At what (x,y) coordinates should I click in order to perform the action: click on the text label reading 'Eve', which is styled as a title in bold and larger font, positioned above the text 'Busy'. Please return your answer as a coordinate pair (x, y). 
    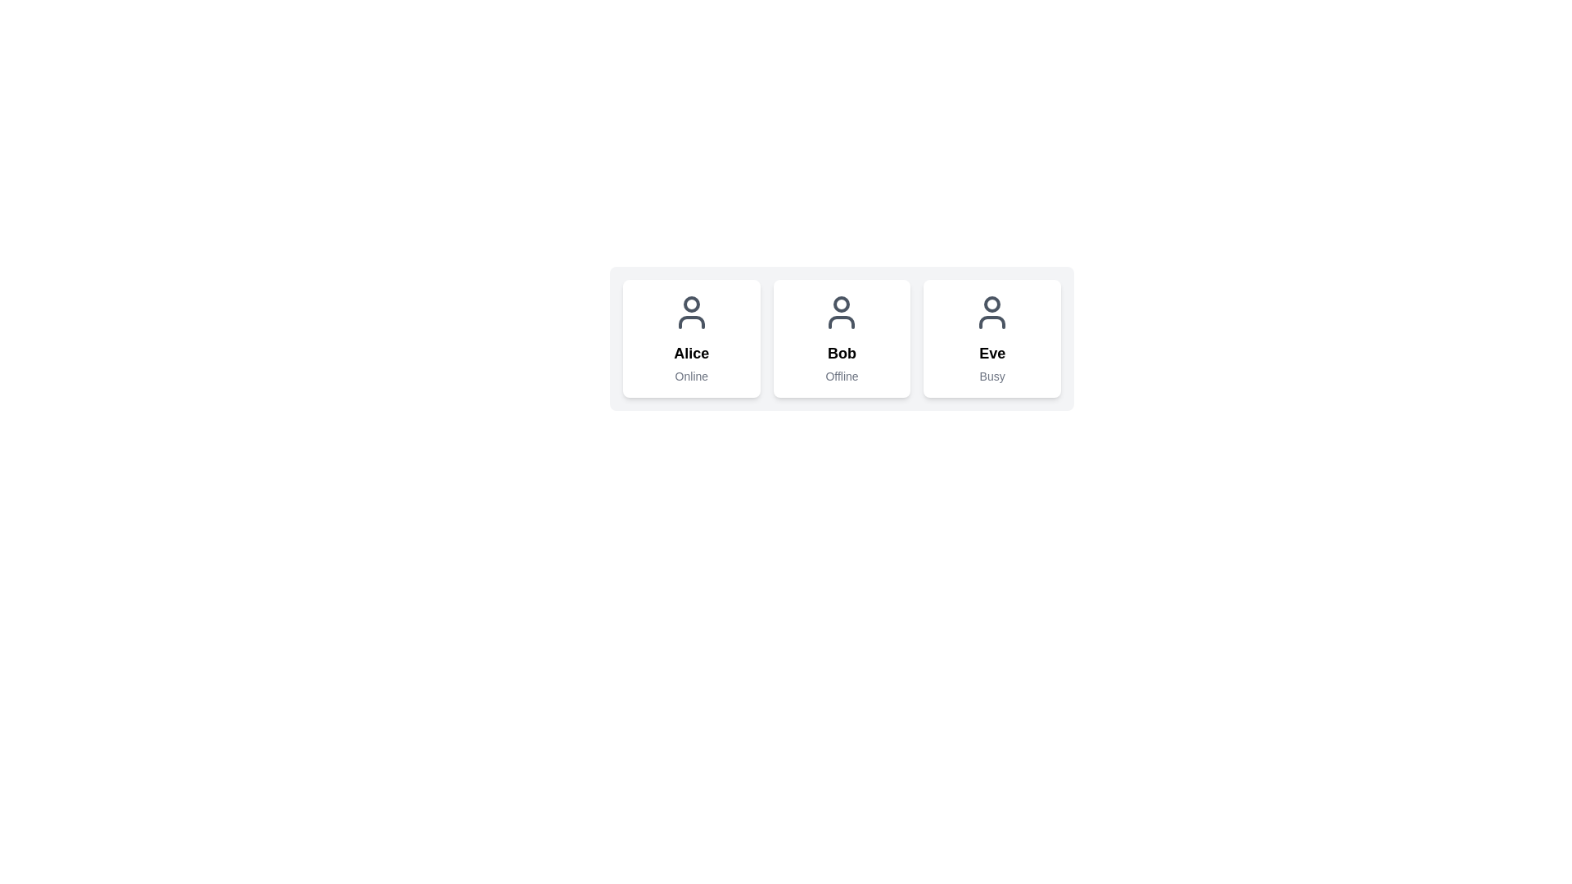
    Looking at the image, I should click on (992, 353).